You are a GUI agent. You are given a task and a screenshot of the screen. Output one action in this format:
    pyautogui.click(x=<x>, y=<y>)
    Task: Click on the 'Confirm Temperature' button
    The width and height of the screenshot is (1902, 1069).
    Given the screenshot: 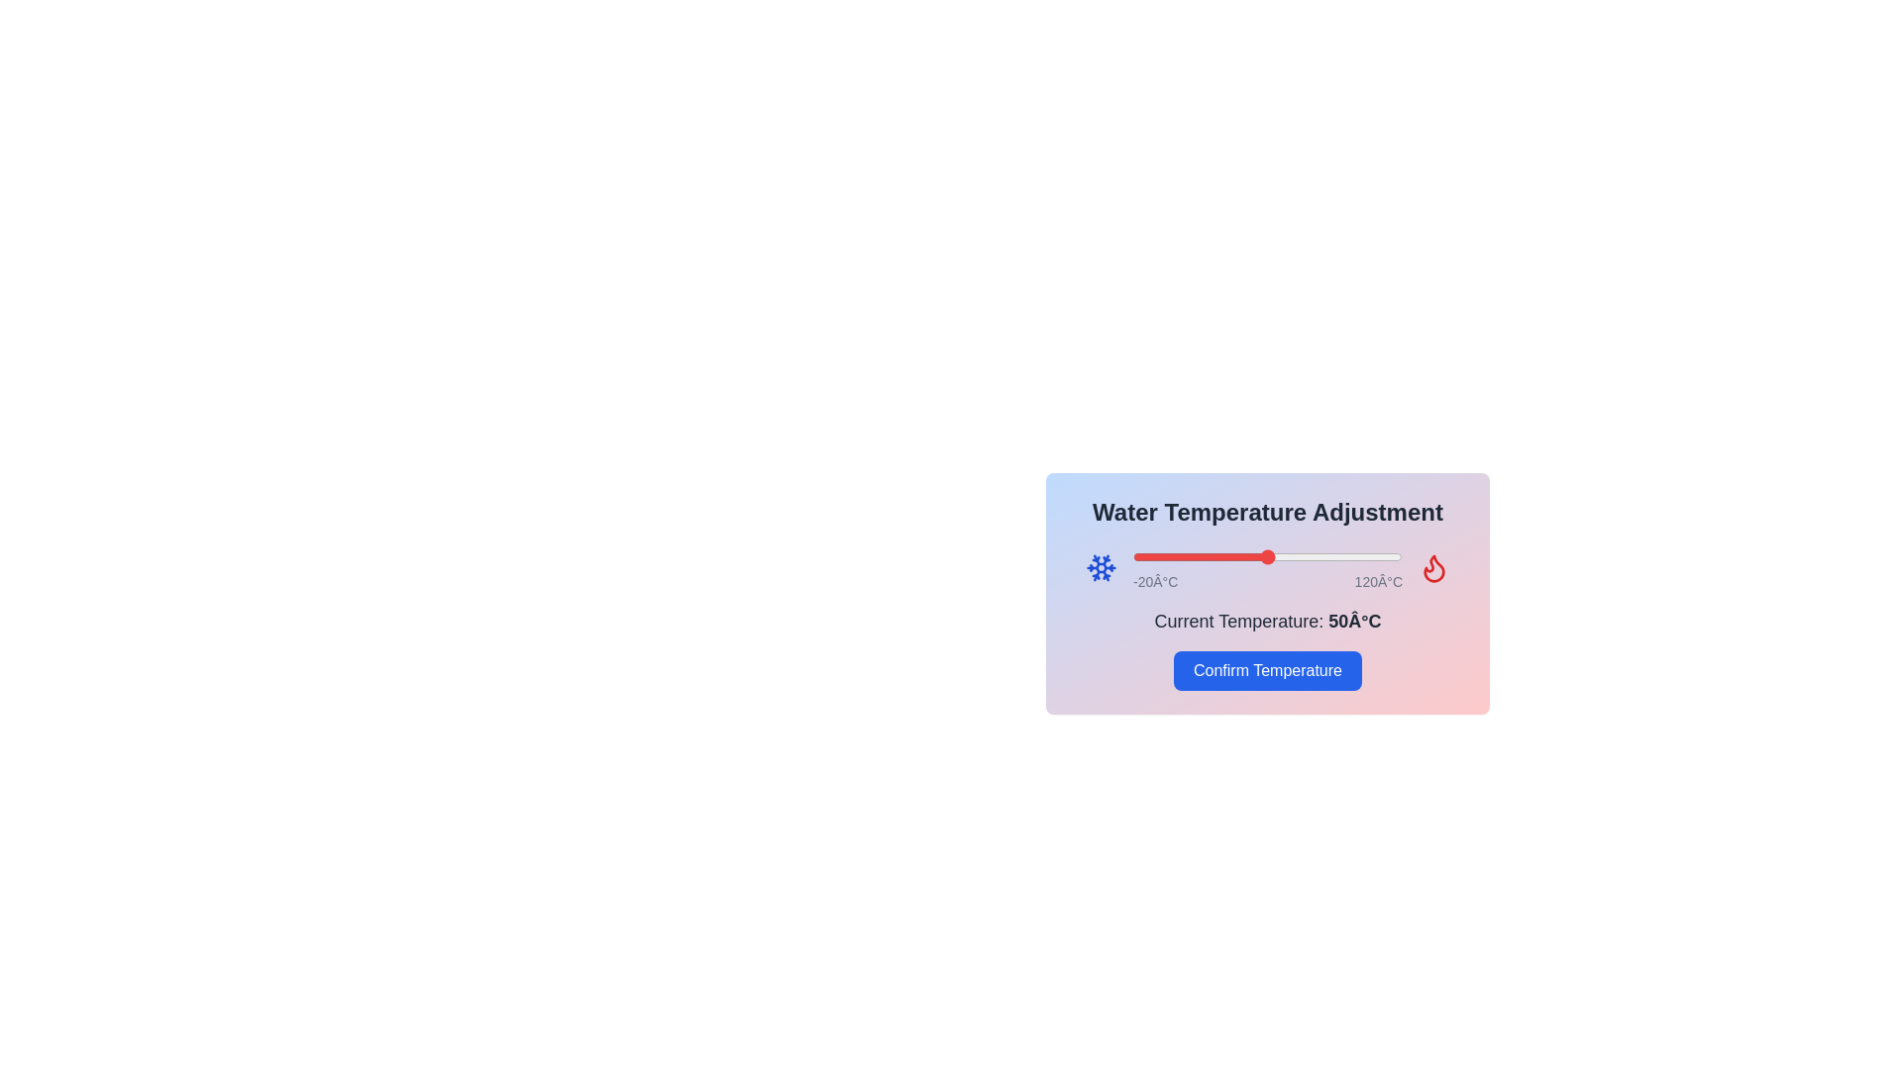 What is the action you would take?
    pyautogui.click(x=1268, y=670)
    